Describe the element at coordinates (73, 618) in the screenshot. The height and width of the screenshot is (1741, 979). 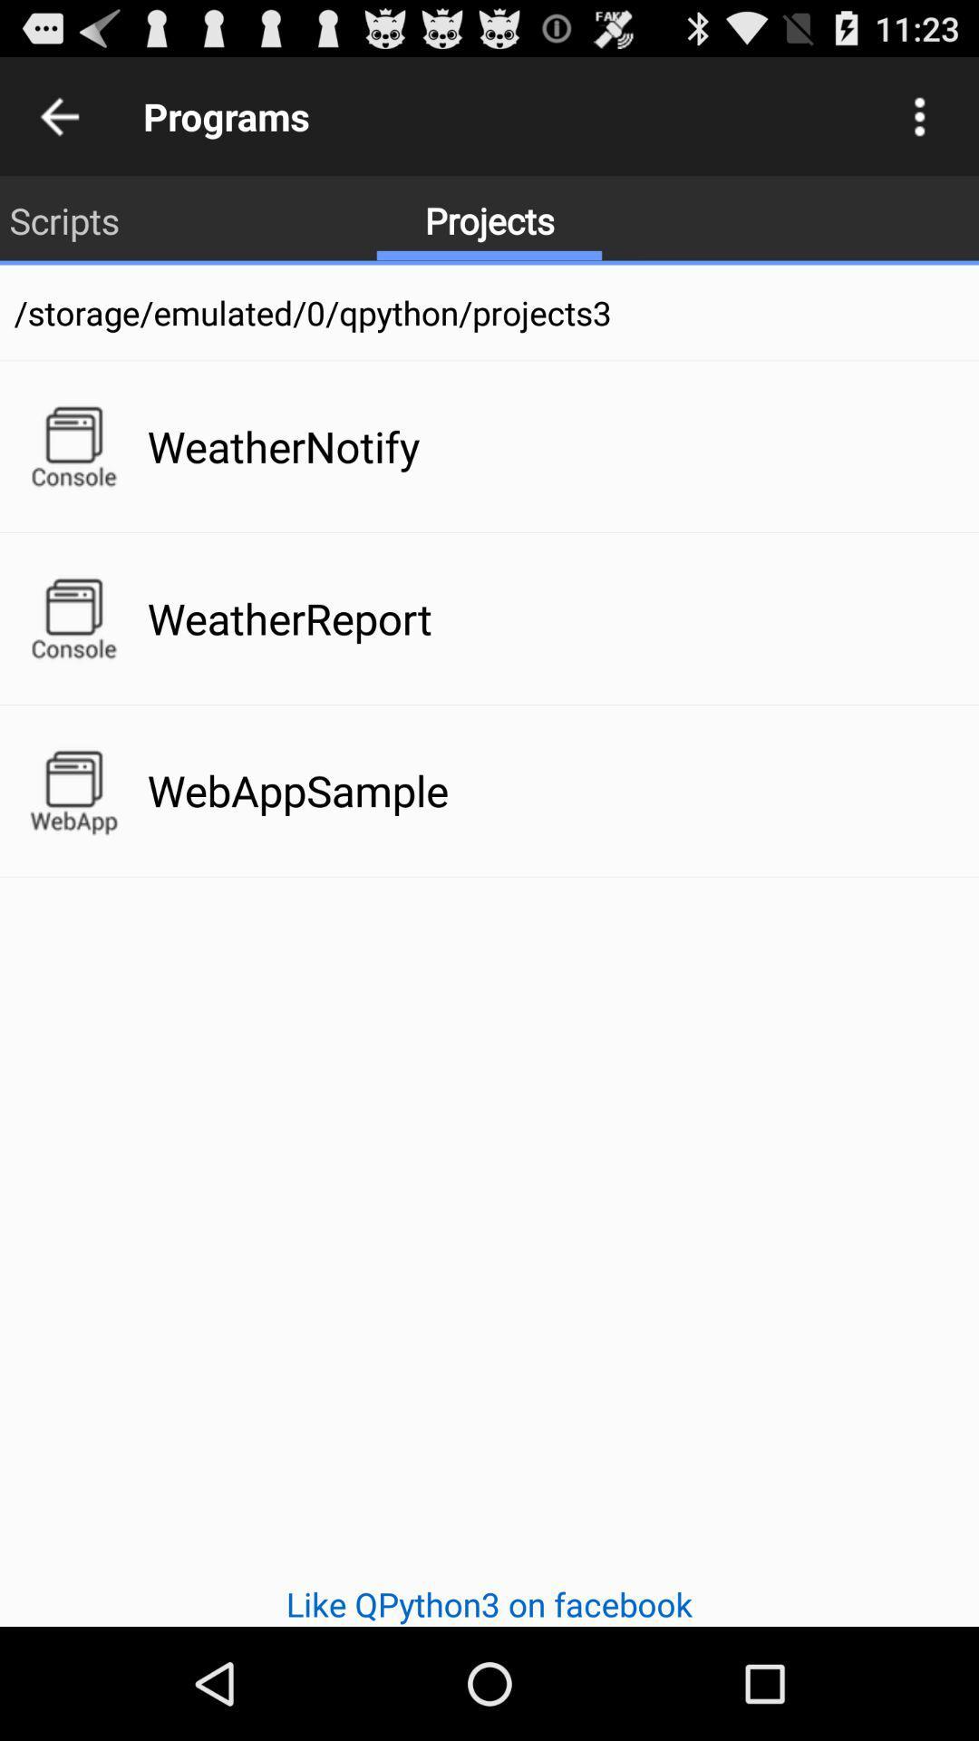
I see `the second icon below projects` at that location.